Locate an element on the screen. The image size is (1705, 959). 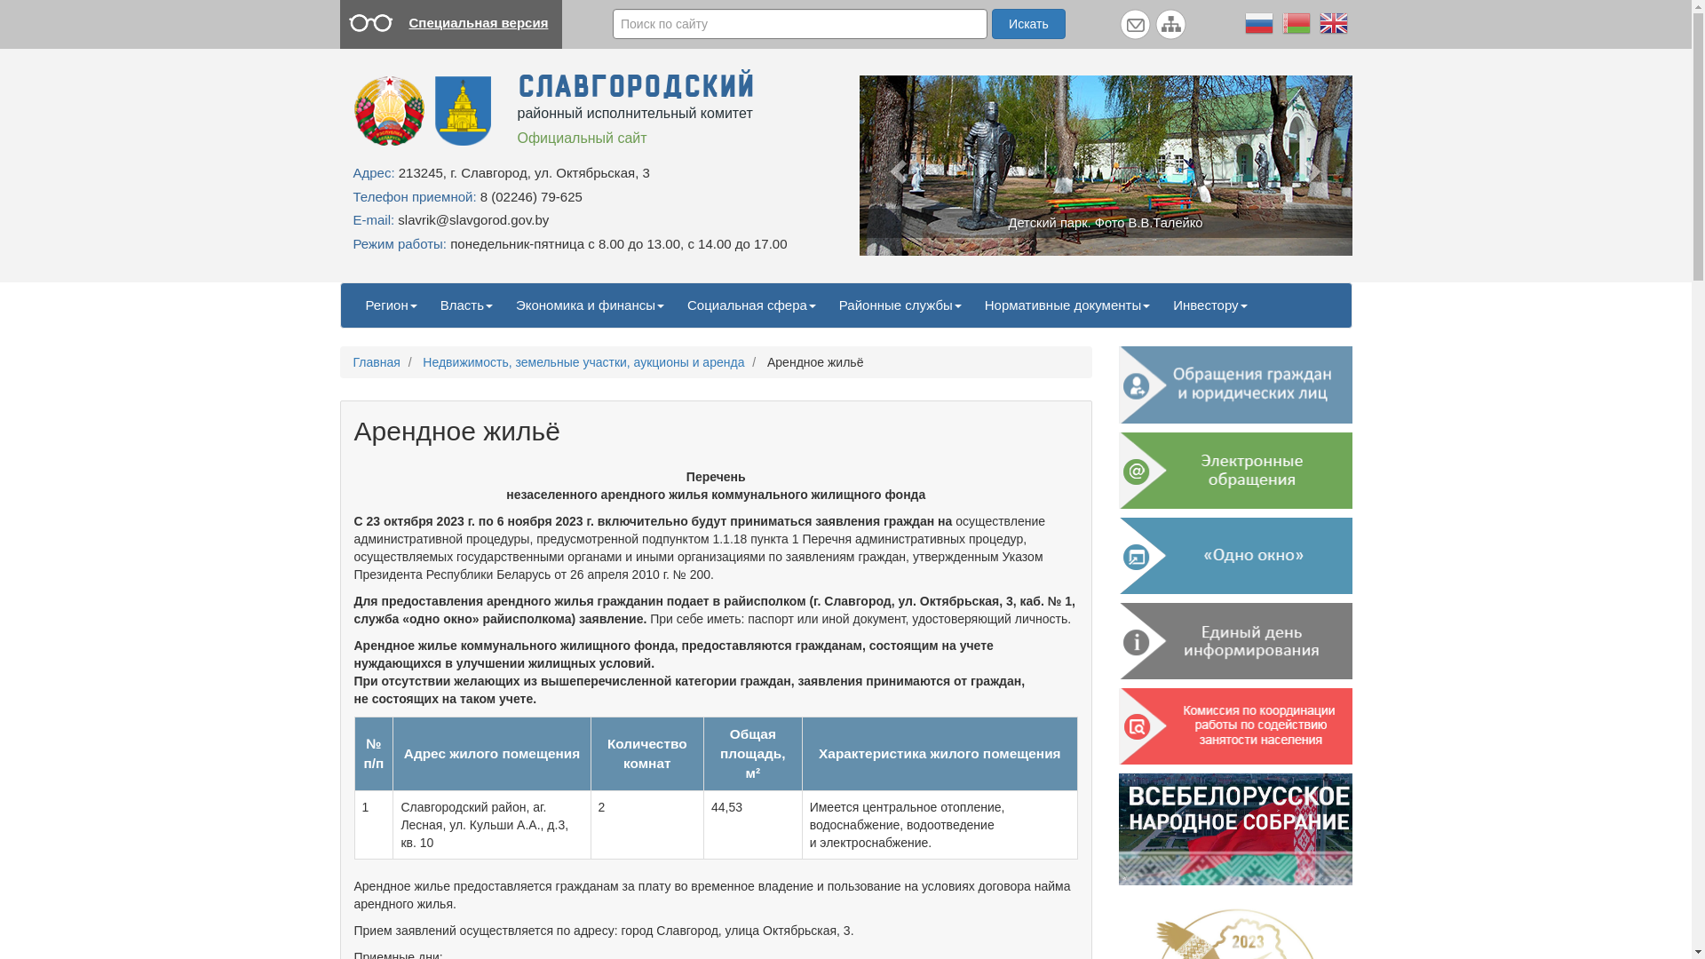
'Belarusian' is located at coordinates (1296, 21).